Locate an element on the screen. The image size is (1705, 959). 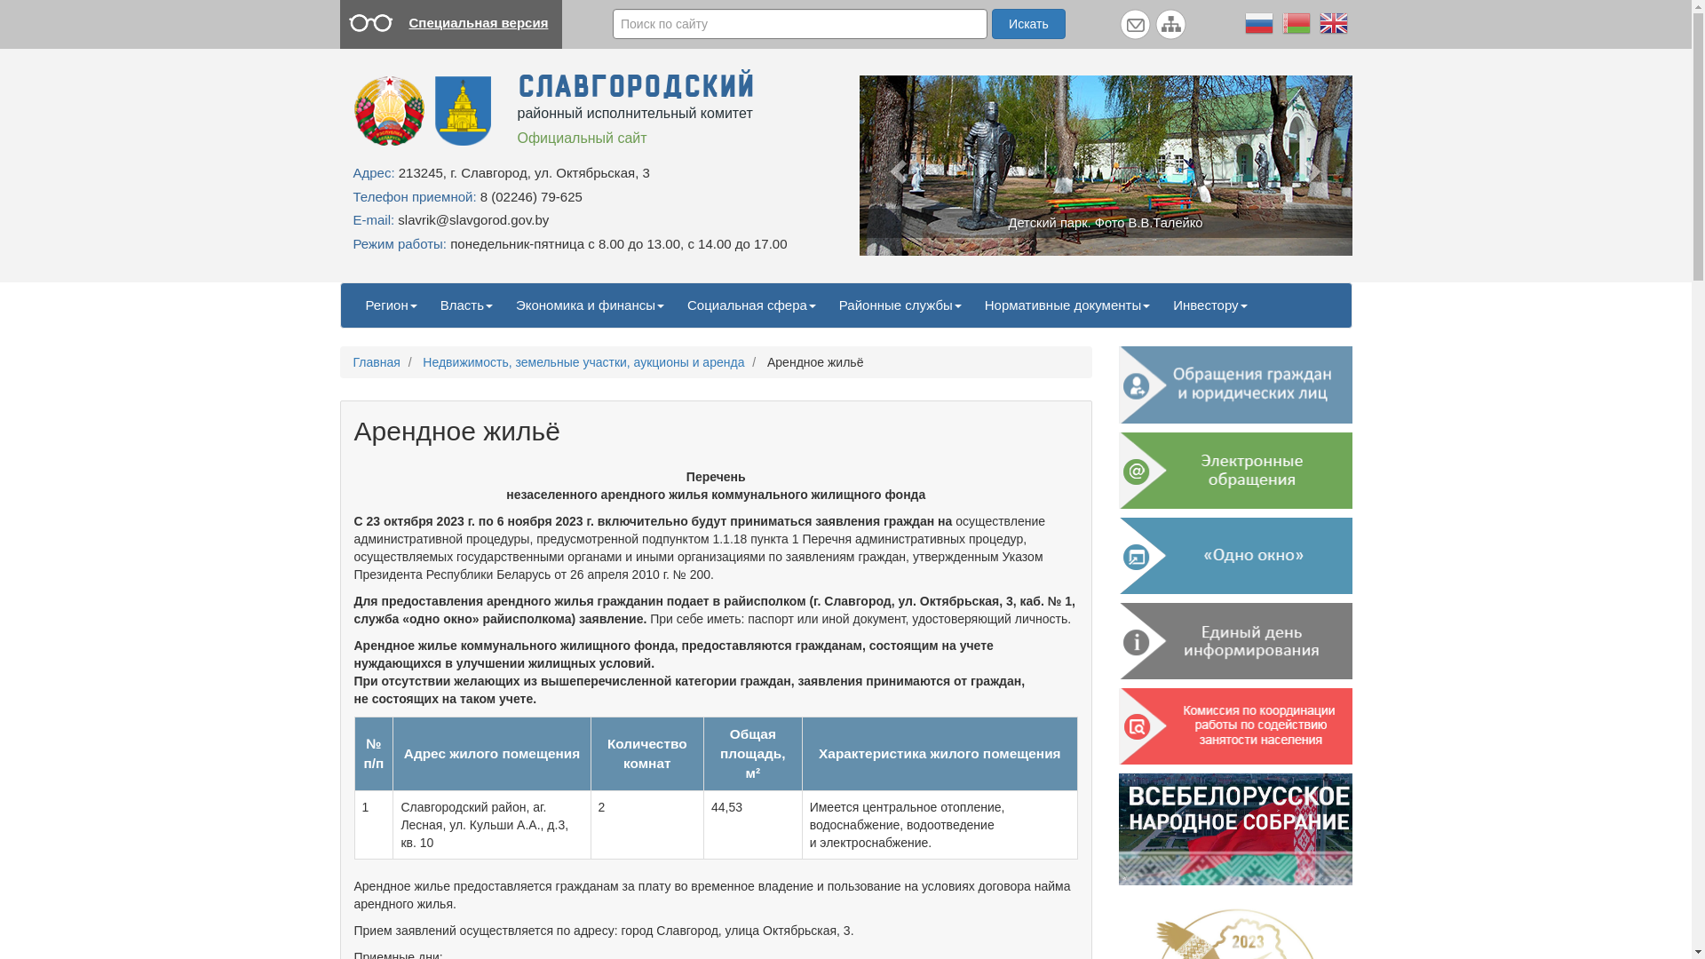
'Belarusian' is located at coordinates (1296, 21).